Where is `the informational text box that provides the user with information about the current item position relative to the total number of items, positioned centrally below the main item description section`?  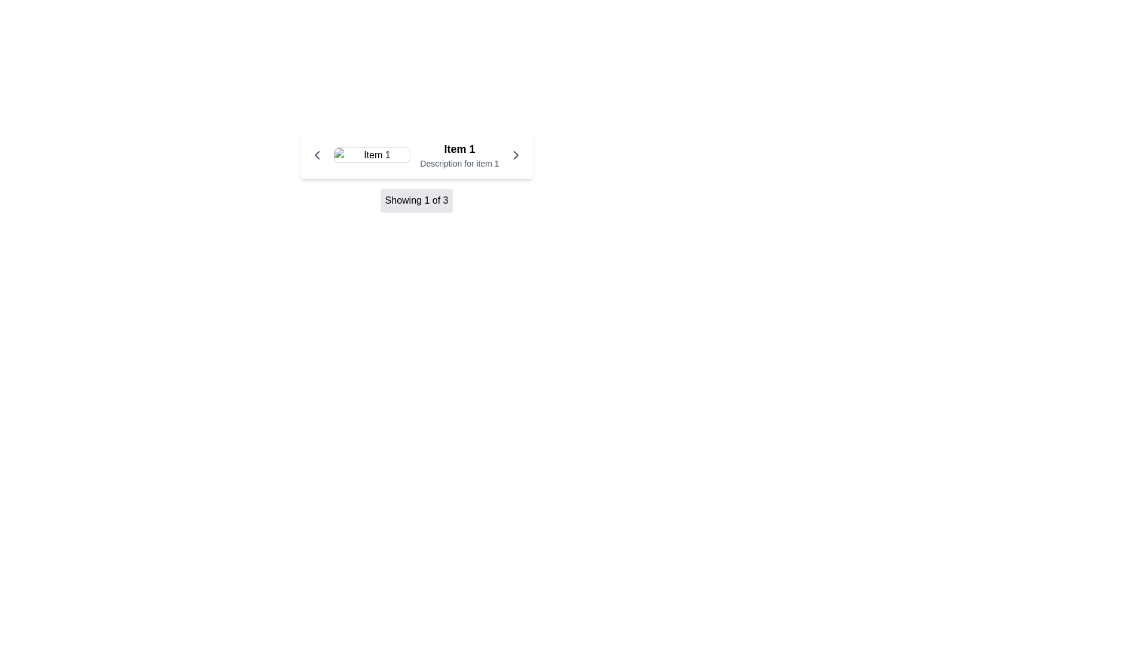
the informational text box that provides the user with information about the current item position relative to the total number of items, positioned centrally below the main item description section is located at coordinates (416, 199).